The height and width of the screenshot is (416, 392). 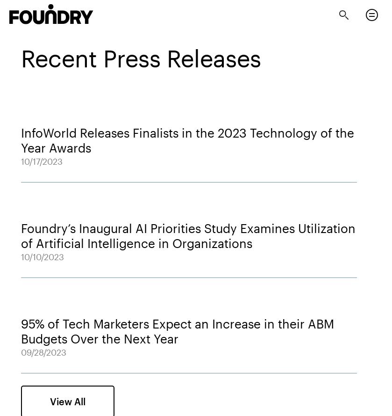 I want to click on 'View All', so click(x=67, y=400).